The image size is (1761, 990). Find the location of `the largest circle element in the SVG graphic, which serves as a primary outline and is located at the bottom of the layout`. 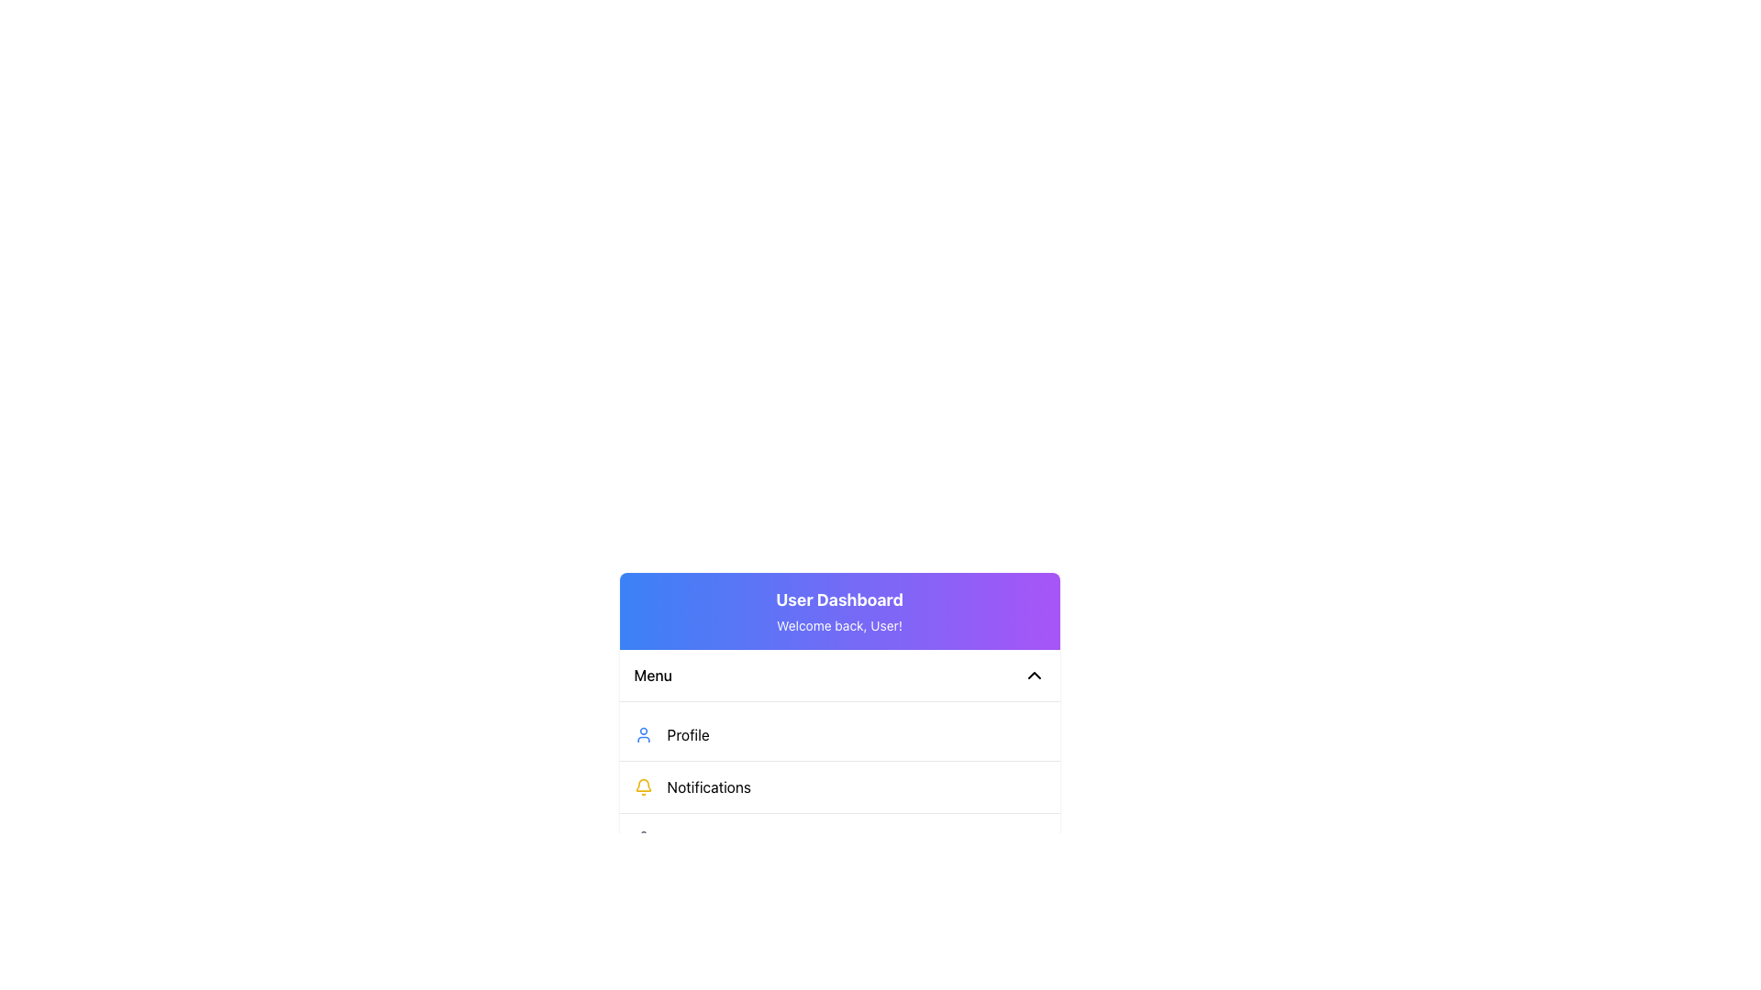

the largest circle element in the SVG graphic, which serves as a primary outline and is located at the bottom of the layout is located at coordinates (664, 890).